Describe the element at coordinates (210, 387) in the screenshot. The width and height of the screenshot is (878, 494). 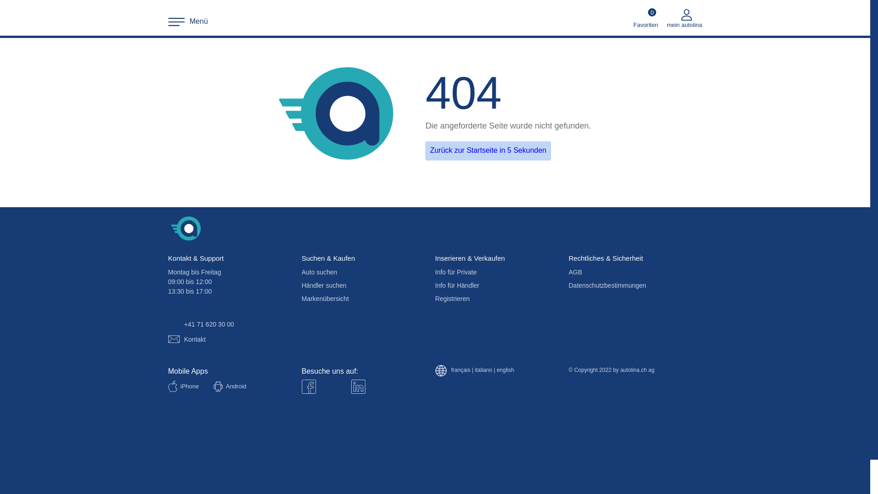
I see `'Android'` at that location.